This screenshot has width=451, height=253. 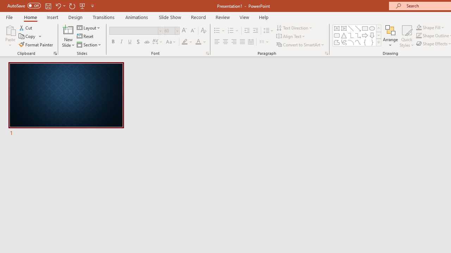 What do you see at coordinates (184, 30) in the screenshot?
I see `'Increase Font Size'` at bounding box center [184, 30].